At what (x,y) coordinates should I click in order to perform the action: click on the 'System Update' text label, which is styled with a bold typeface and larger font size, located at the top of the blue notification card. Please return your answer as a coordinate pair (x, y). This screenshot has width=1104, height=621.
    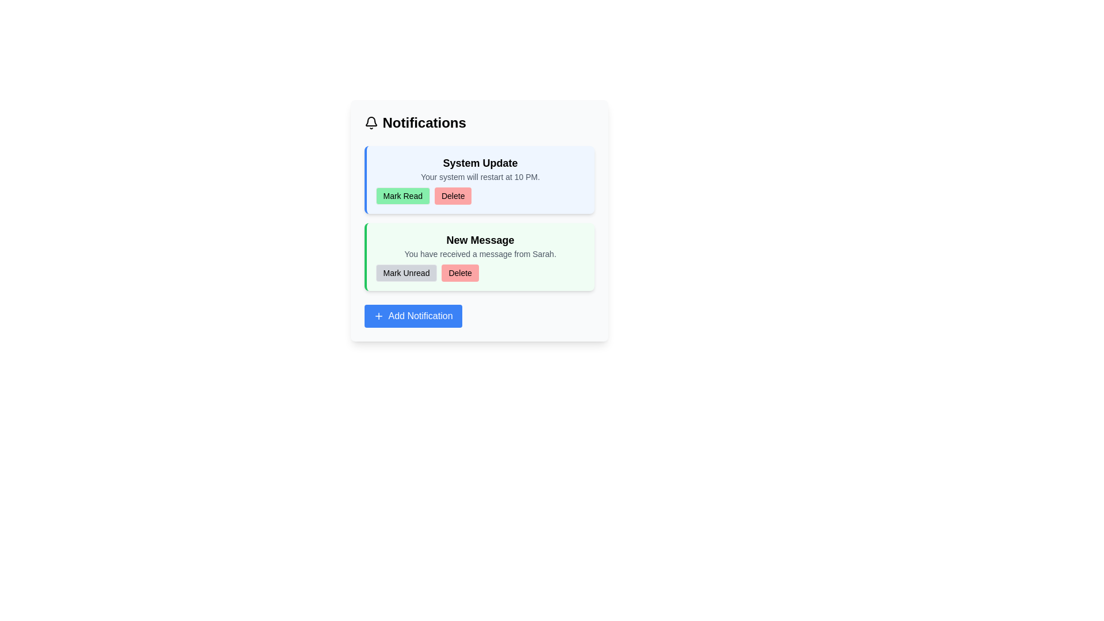
    Looking at the image, I should click on (480, 163).